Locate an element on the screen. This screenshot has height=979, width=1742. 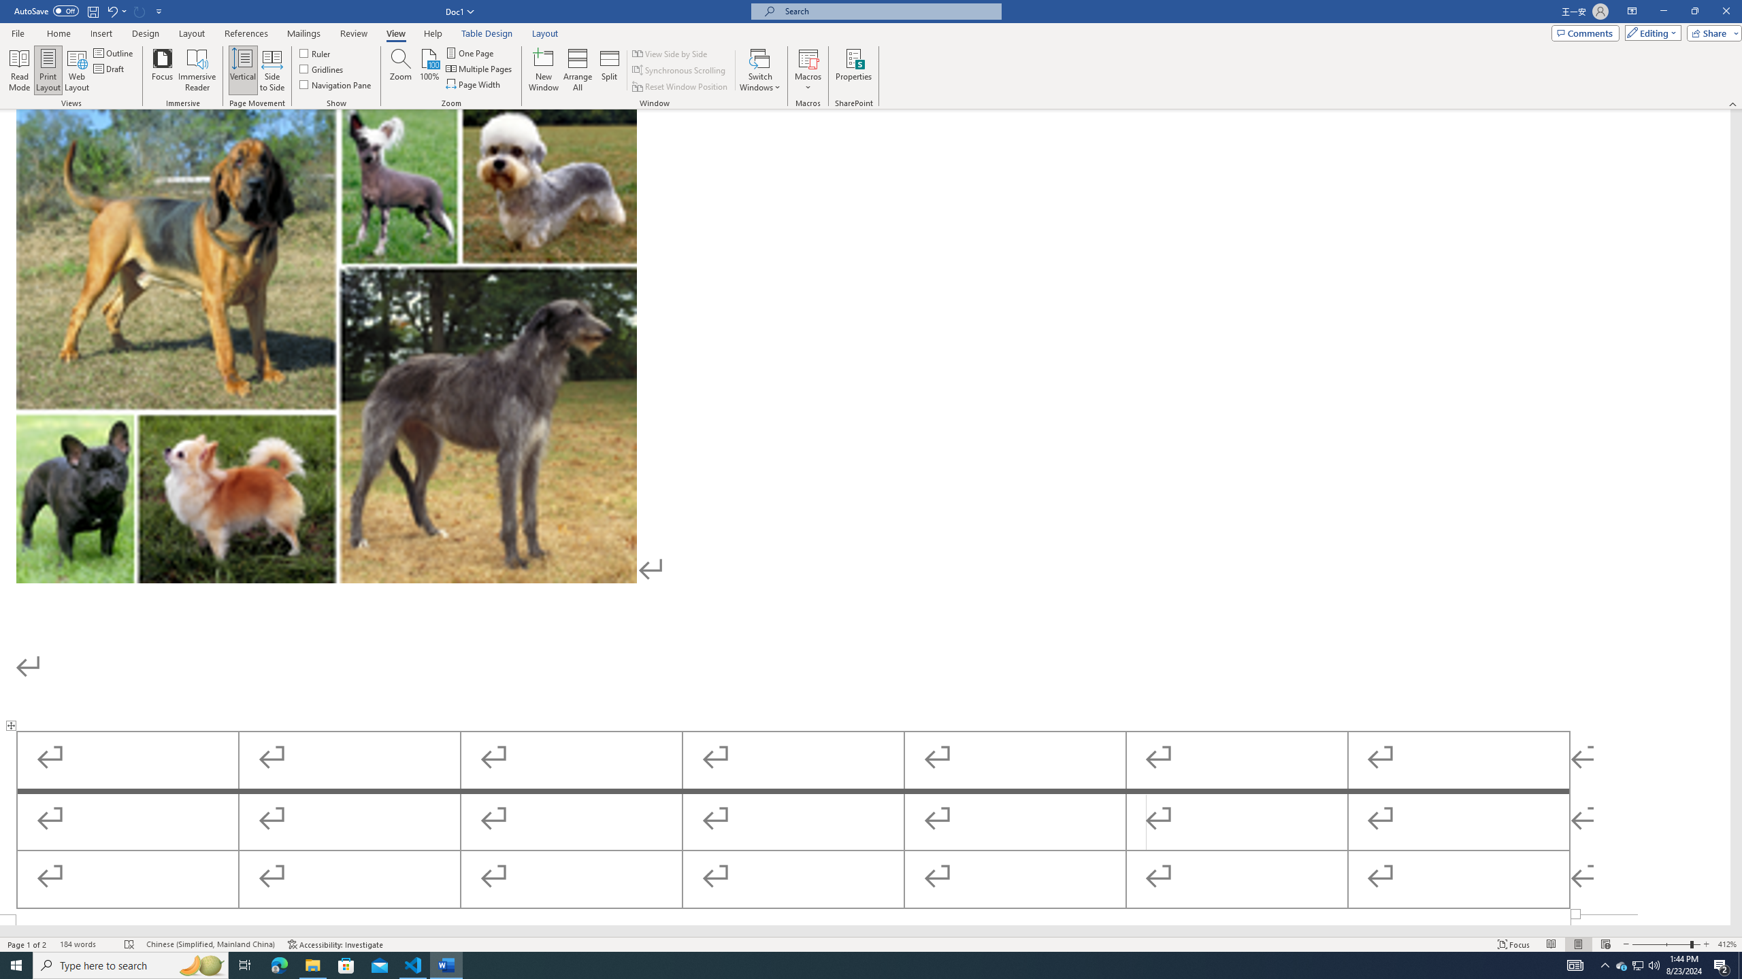
'Page Number Page 1 of 2' is located at coordinates (27, 944).